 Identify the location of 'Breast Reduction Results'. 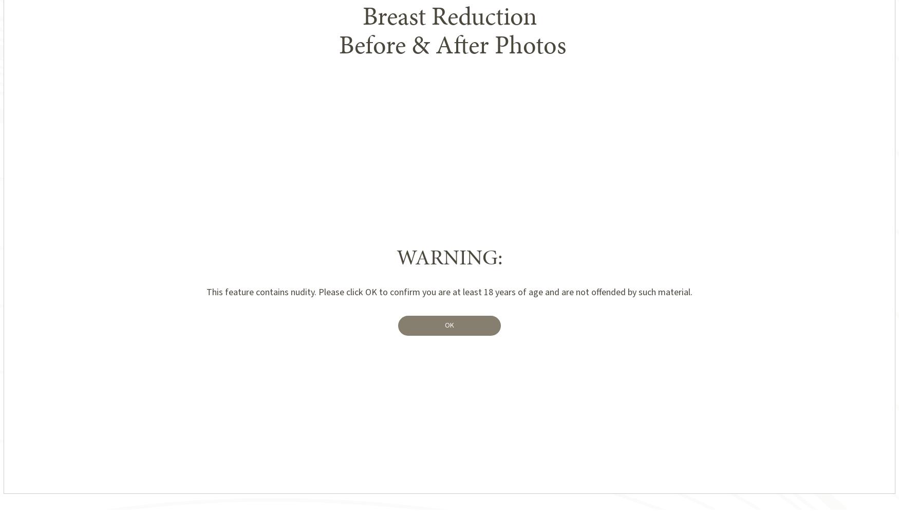
(322, 26).